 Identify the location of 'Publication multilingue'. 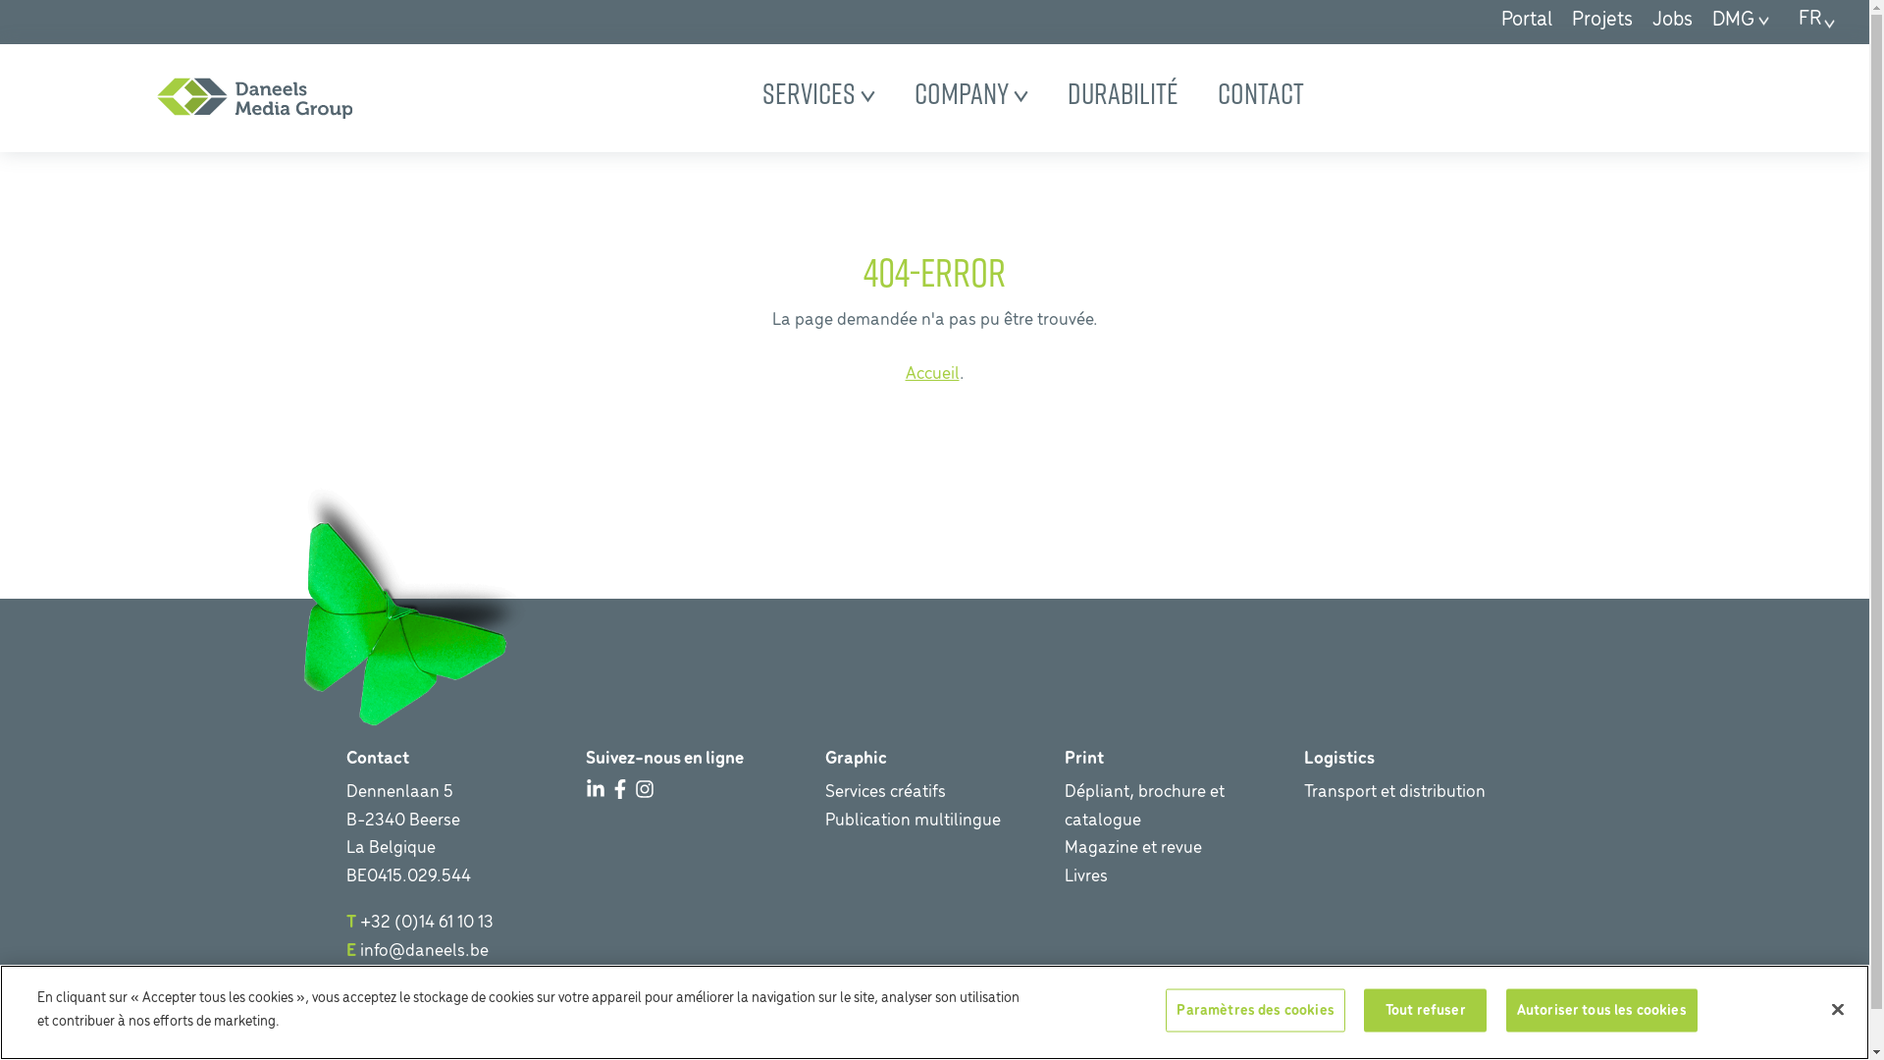
(911, 821).